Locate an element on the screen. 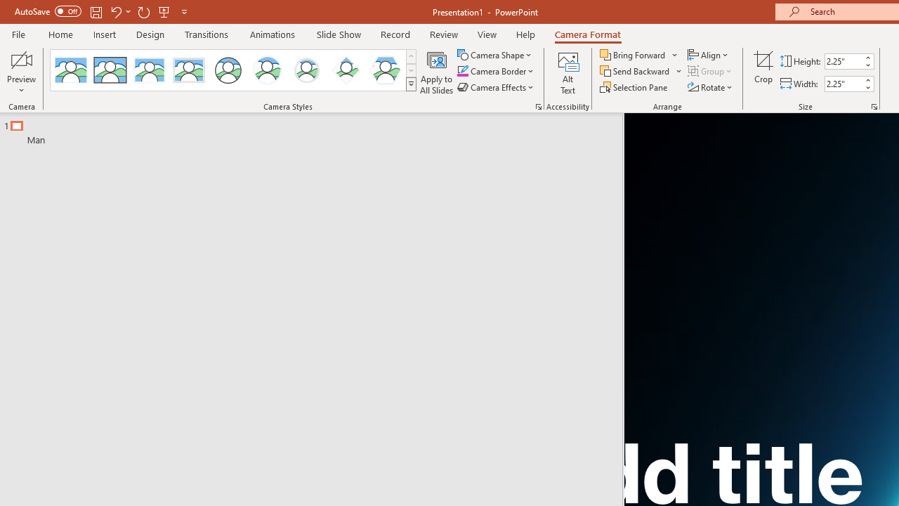  'Cameo Width' is located at coordinates (843, 84).